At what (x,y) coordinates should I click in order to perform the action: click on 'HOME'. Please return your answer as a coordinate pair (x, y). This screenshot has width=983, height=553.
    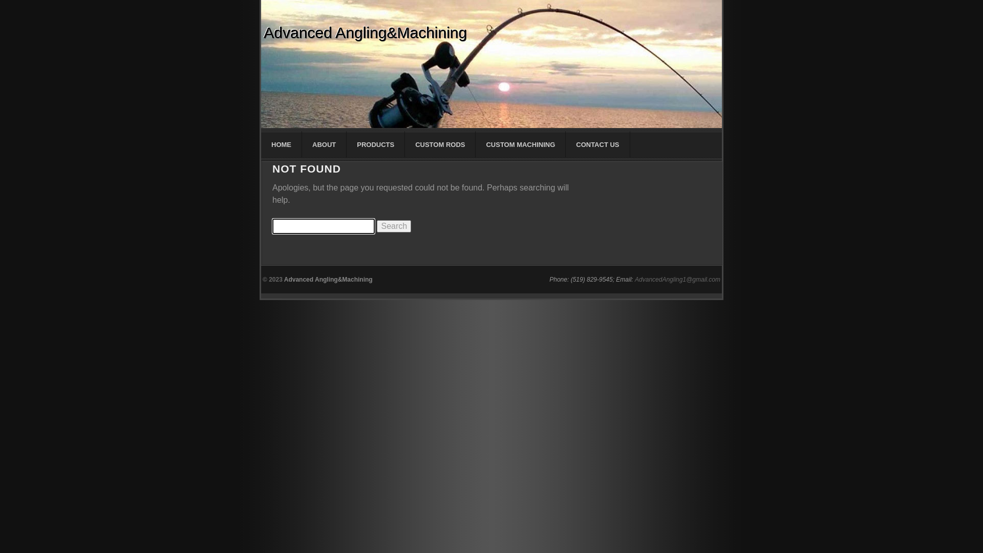
    Looking at the image, I should click on (282, 144).